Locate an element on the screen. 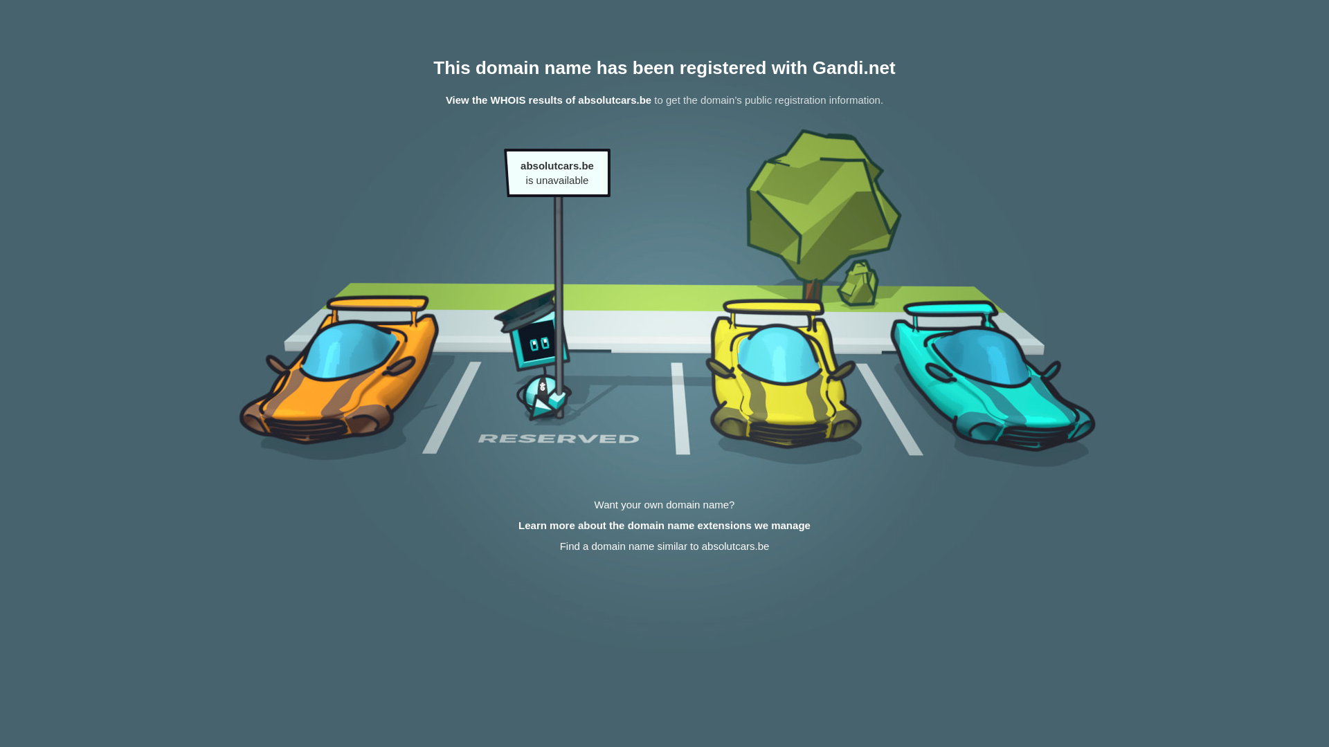 The width and height of the screenshot is (1329, 747). 'View the WHOIS results of absolutcars.be' is located at coordinates (548, 99).